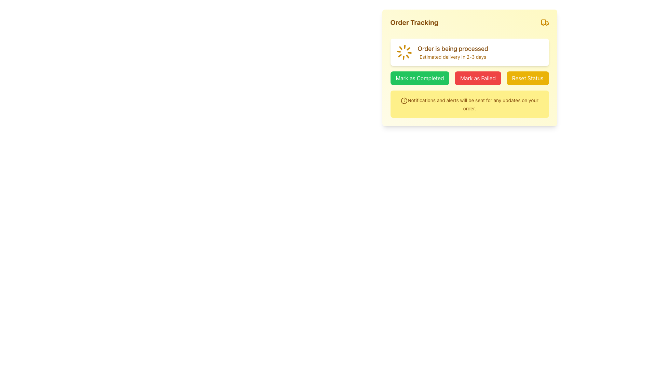  I want to click on the message notification text indicating order progress and estimated delivery time, located in the 'Order Tracking' section to the right of the spinning loader icon, so click(453, 52).